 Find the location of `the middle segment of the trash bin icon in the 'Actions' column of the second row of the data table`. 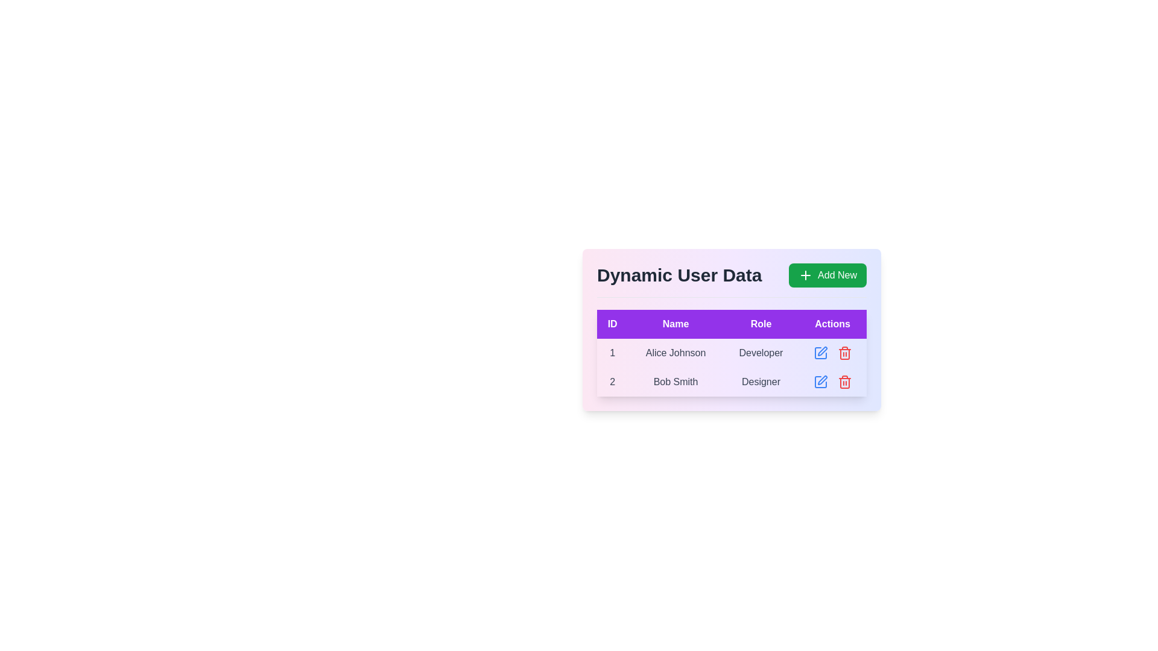

the middle segment of the trash bin icon in the 'Actions' column of the second row of the data table is located at coordinates (844, 383).